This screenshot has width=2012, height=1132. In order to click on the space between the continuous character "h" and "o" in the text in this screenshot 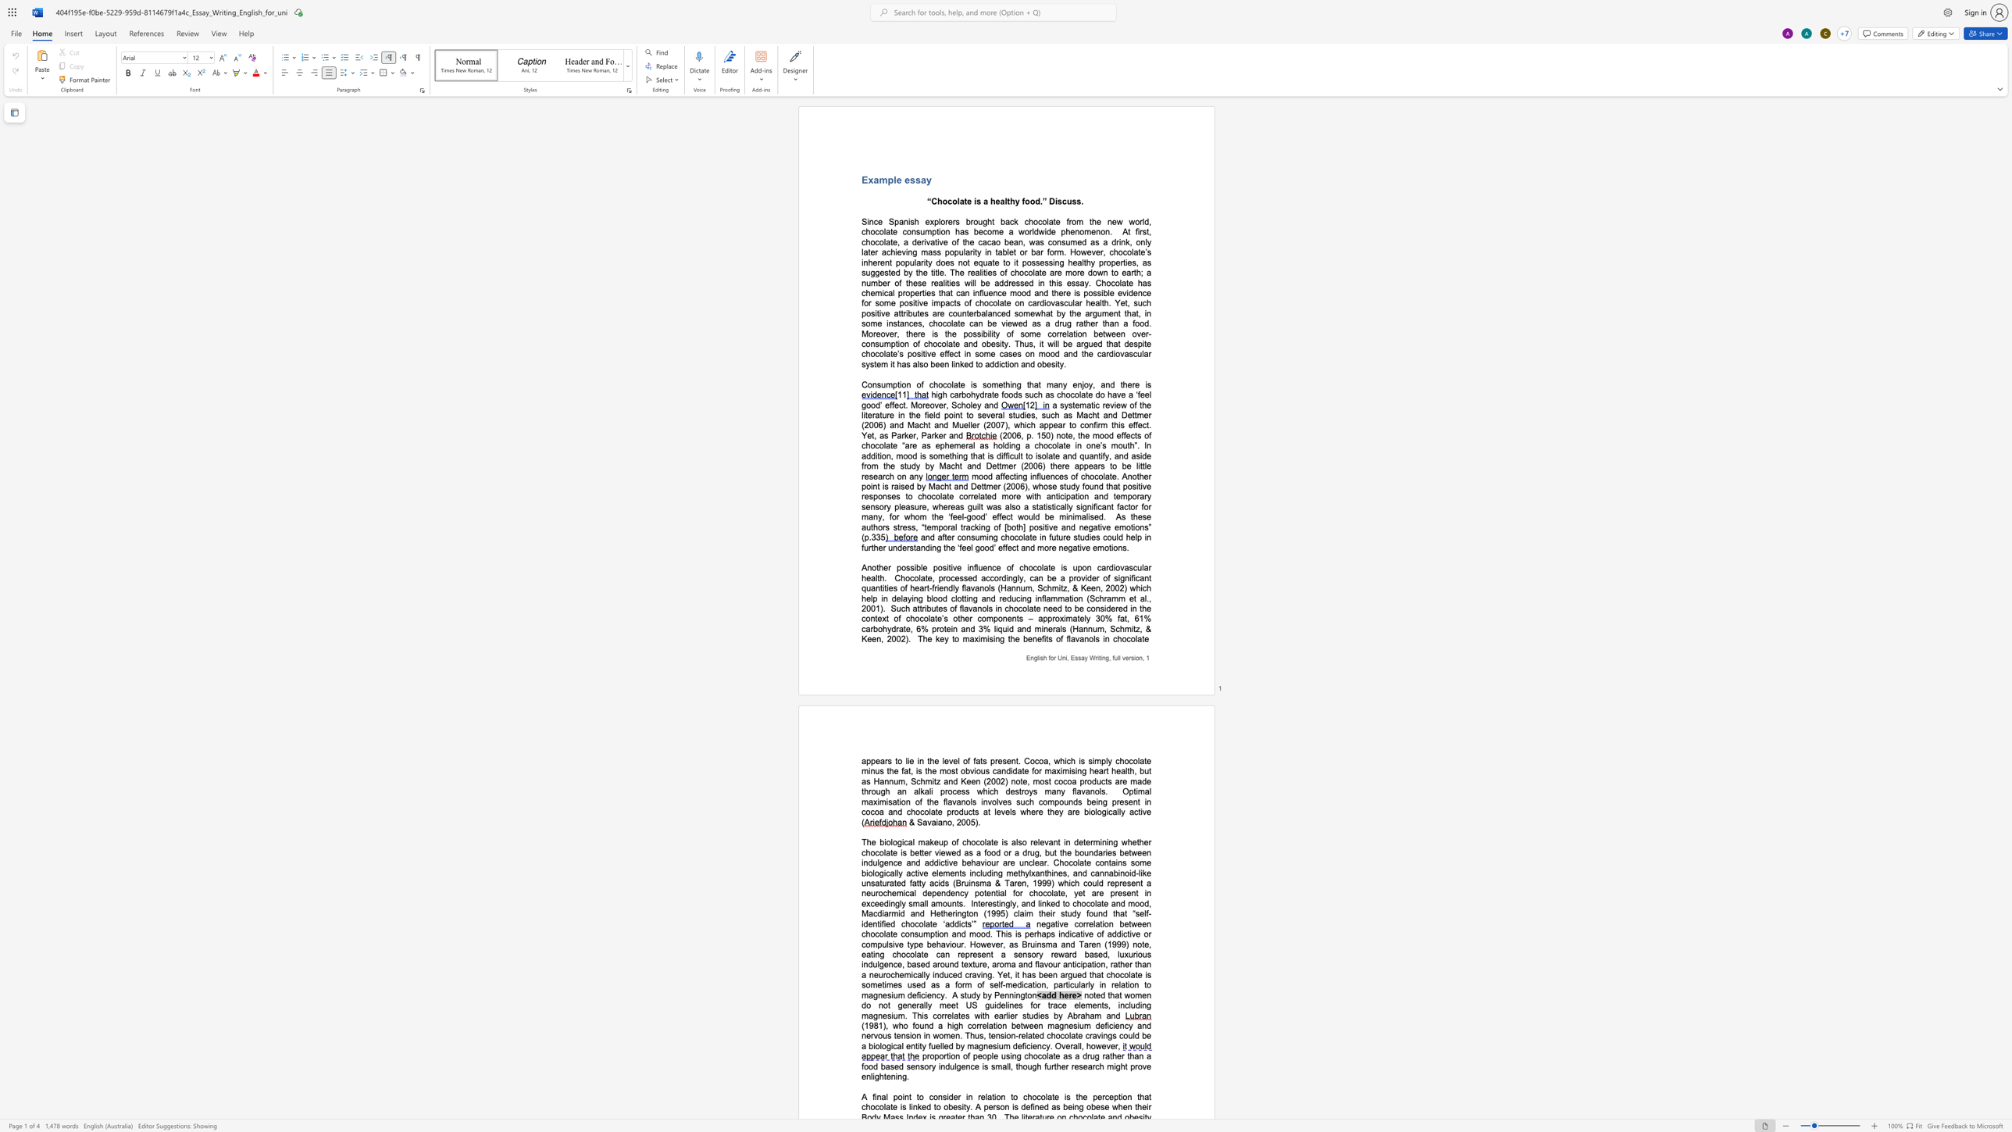, I will do `click(1122, 638)`.